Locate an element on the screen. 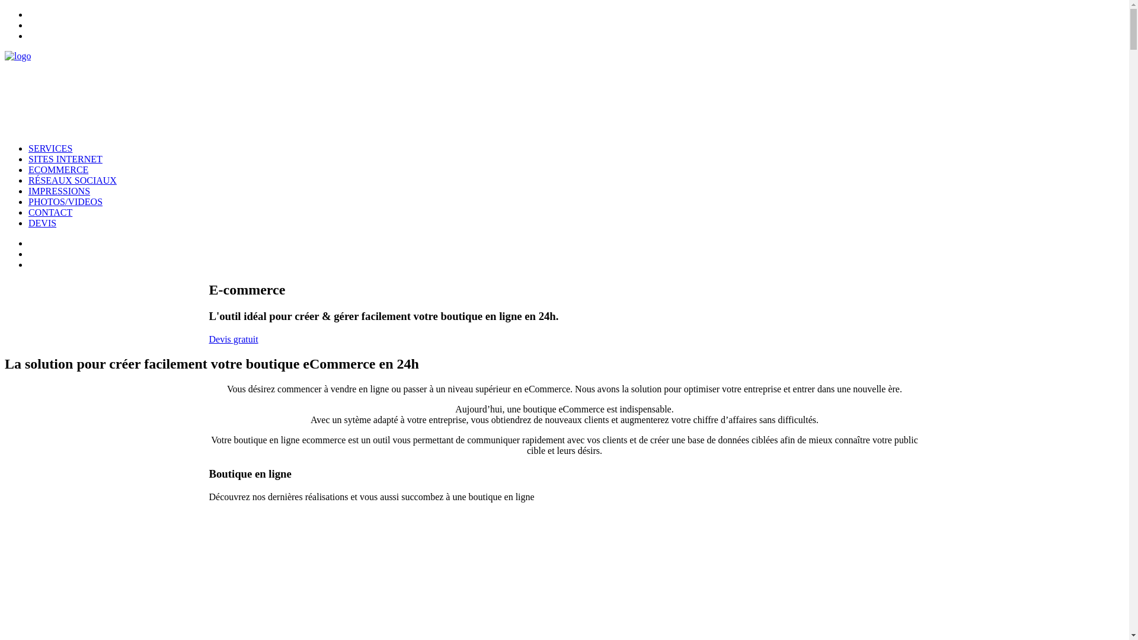 This screenshot has height=640, width=1138. 'Devis gratuit' is located at coordinates (233, 339).